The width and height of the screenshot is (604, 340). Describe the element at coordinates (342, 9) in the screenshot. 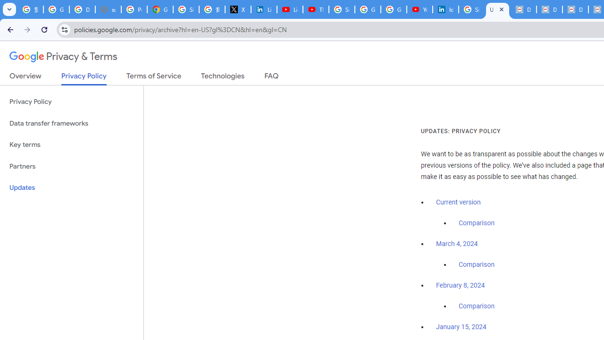

I see `'Sign in - Google Accounts'` at that location.